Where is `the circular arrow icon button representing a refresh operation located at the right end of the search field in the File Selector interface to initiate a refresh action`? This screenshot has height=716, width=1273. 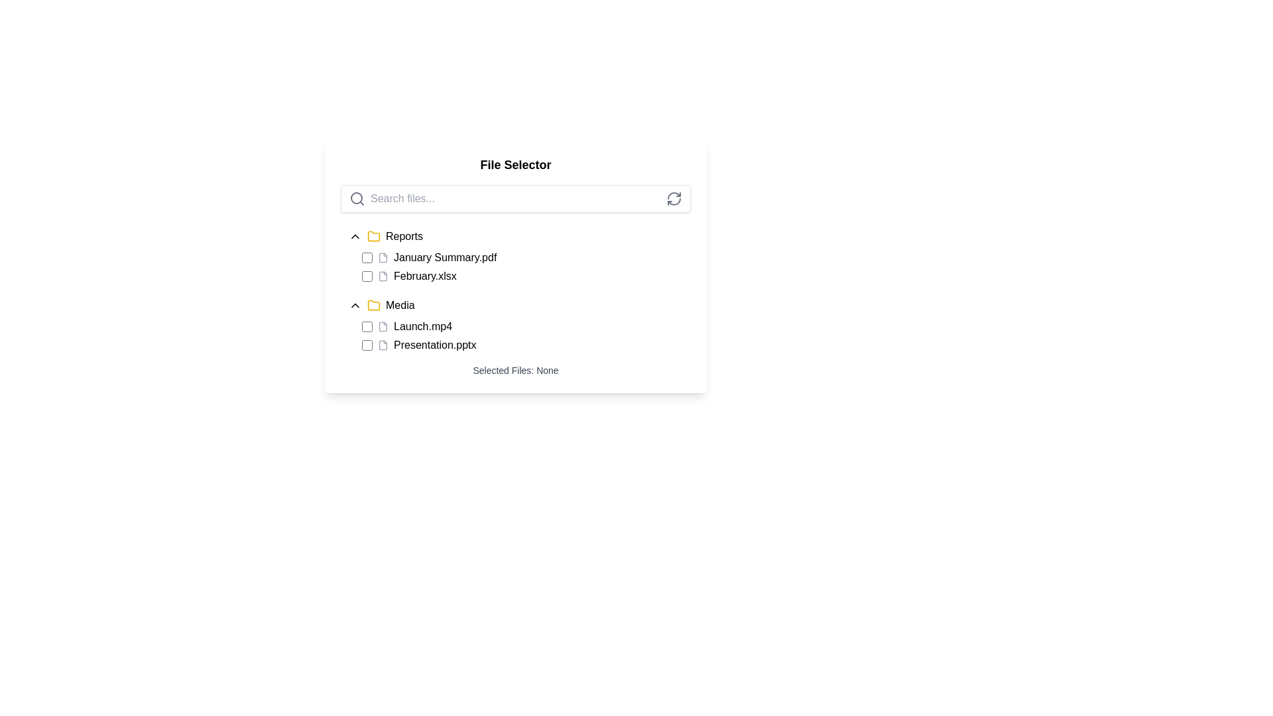 the circular arrow icon button representing a refresh operation located at the right end of the search field in the File Selector interface to initiate a refresh action is located at coordinates (674, 199).